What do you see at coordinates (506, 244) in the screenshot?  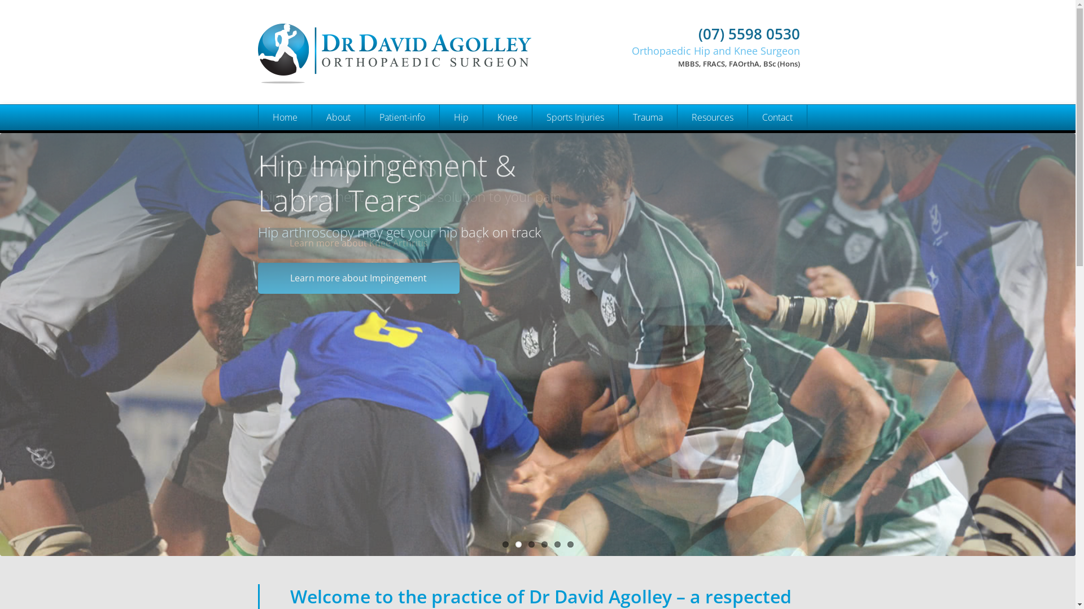 I see `'Knee Meniscal Tear'` at bounding box center [506, 244].